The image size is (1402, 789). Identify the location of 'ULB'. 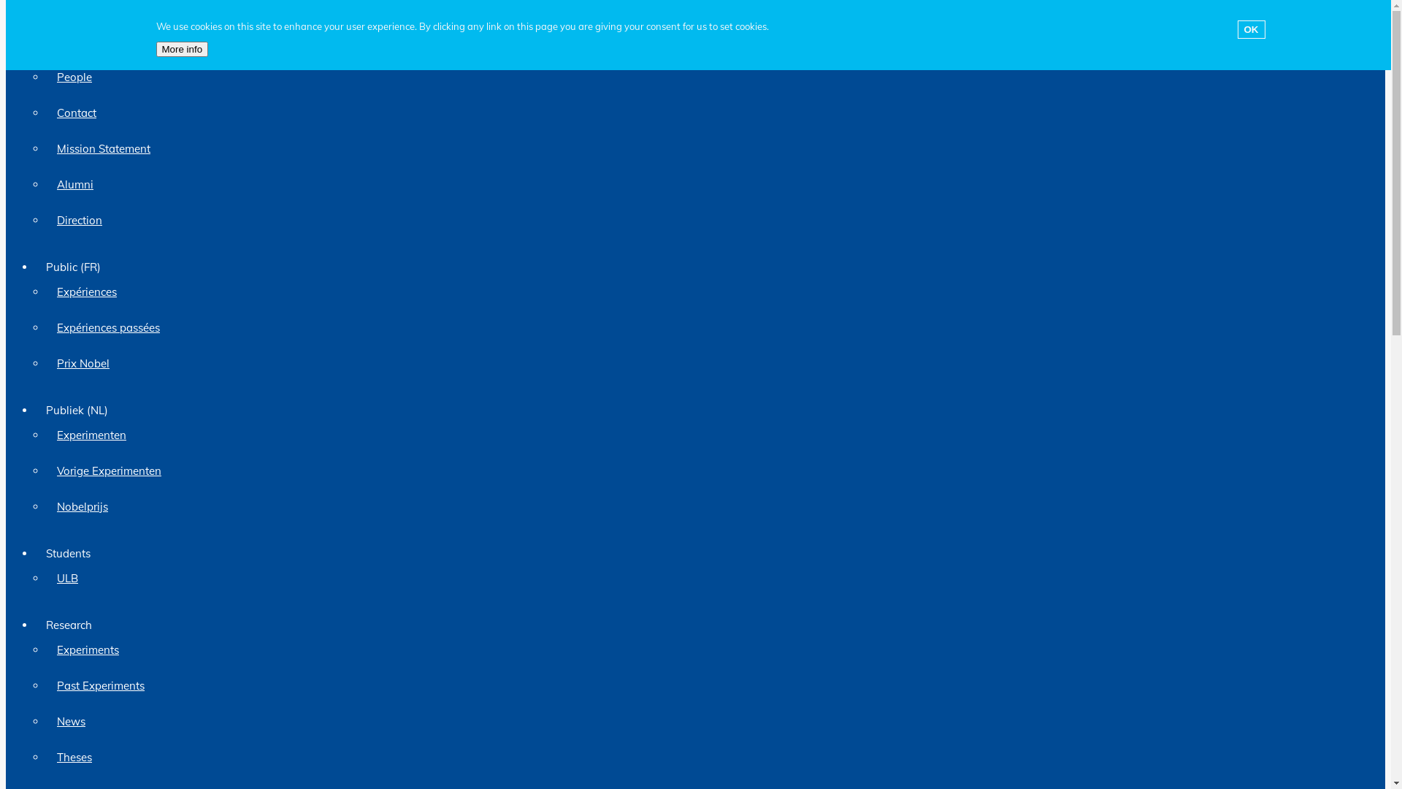
(56, 577).